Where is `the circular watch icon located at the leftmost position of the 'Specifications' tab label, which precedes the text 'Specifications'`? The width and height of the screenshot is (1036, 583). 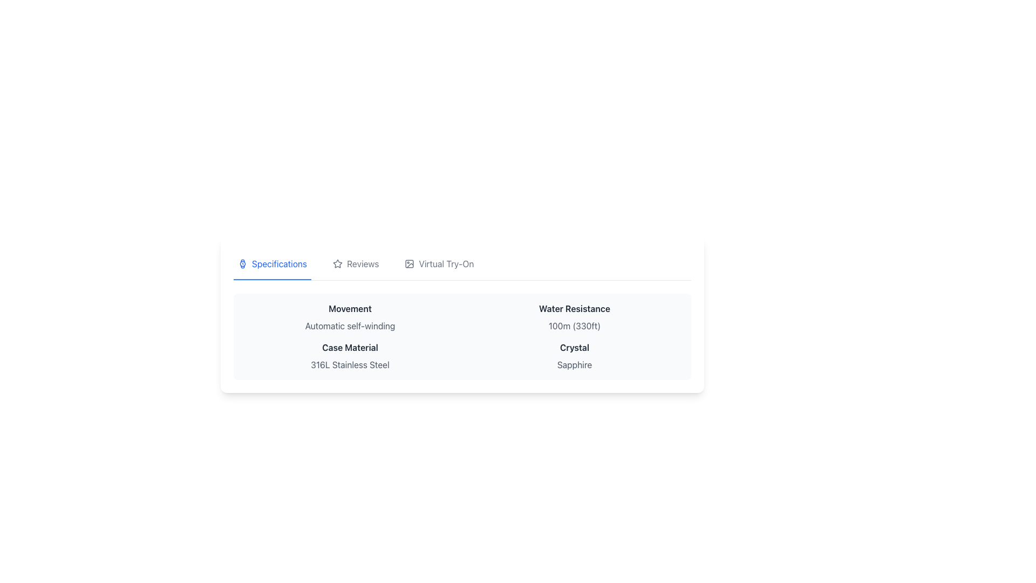
the circular watch icon located at the leftmost position of the 'Specifications' tab label, which precedes the text 'Specifications' is located at coordinates (242, 264).